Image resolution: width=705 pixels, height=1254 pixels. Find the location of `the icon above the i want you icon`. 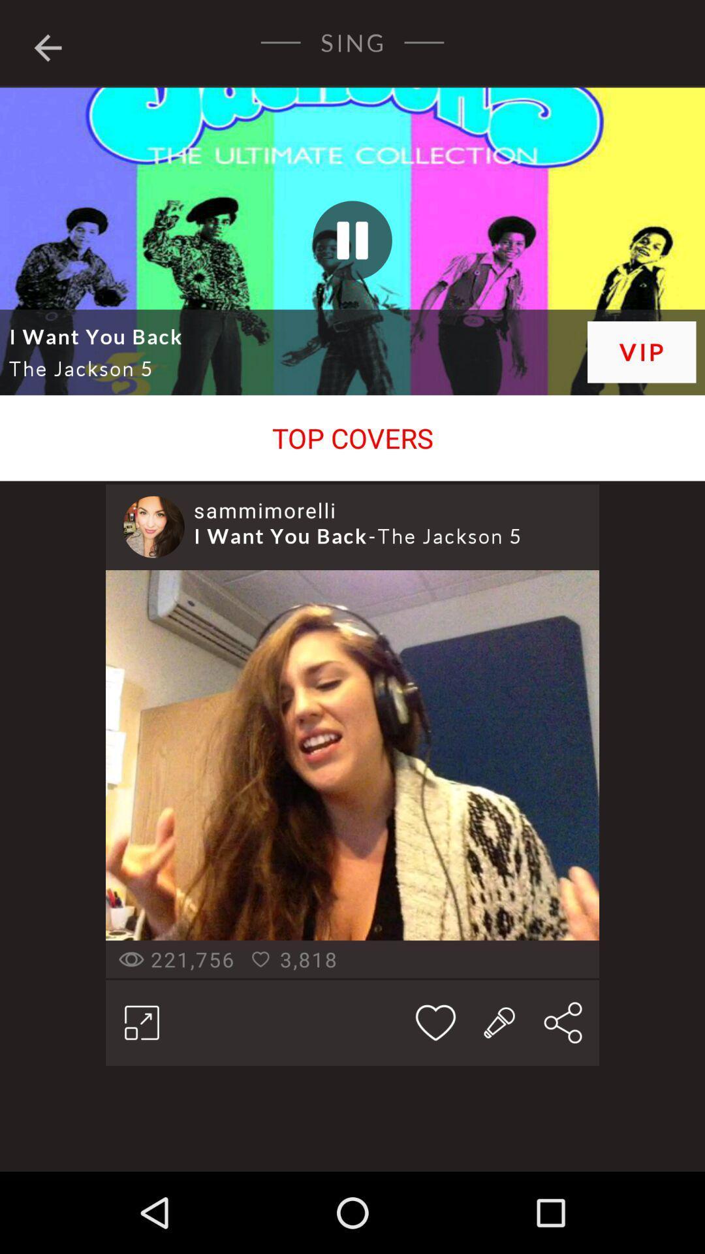

the icon above the i want you icon is located at coordinates (264, 509).